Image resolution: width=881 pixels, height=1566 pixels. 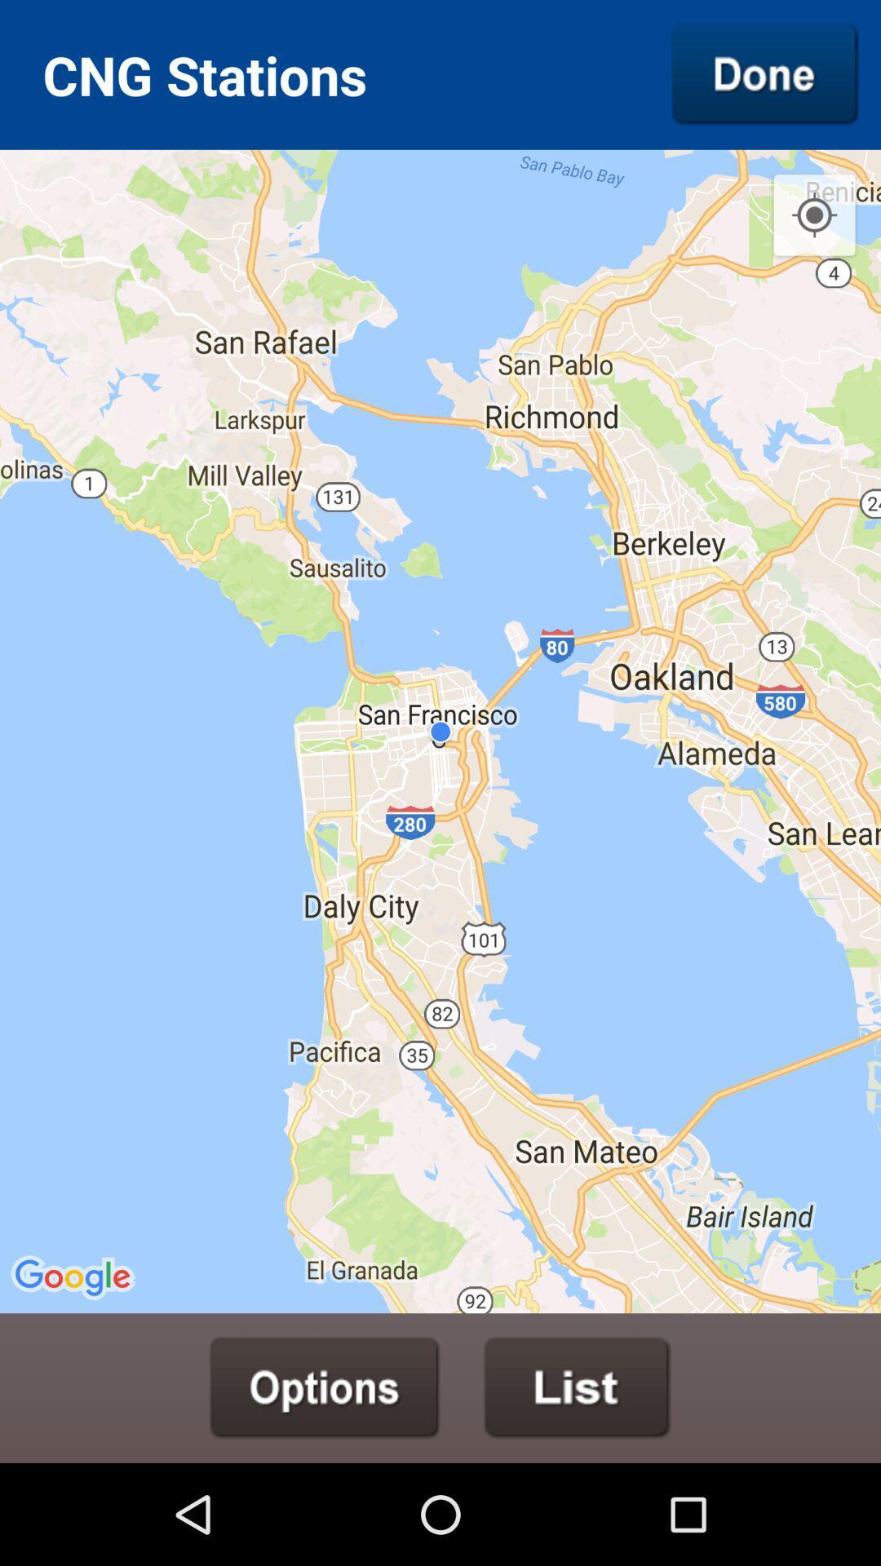 I want to click on options, so click(x=325, y=1387).